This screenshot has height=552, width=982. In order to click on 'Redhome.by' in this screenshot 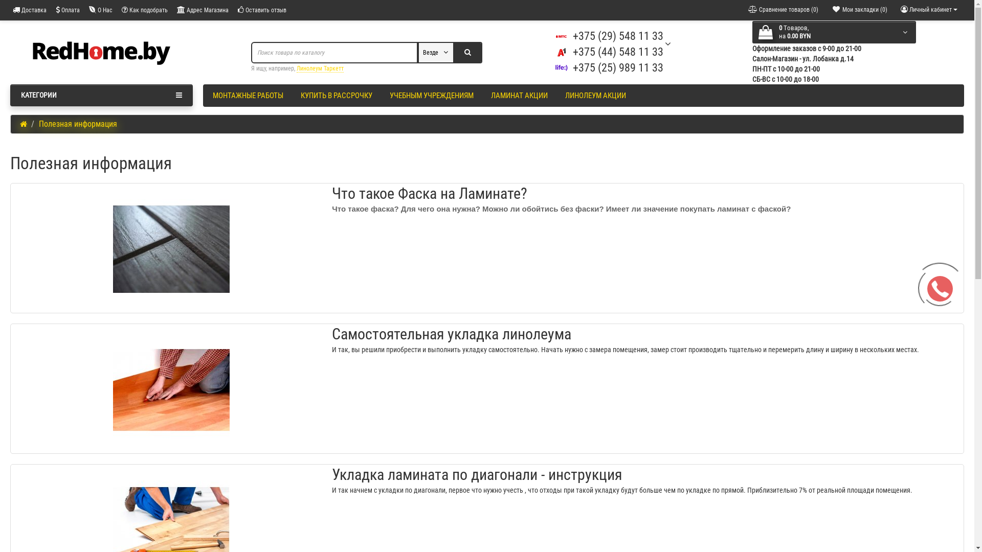, I will do `click(101, 53)`.